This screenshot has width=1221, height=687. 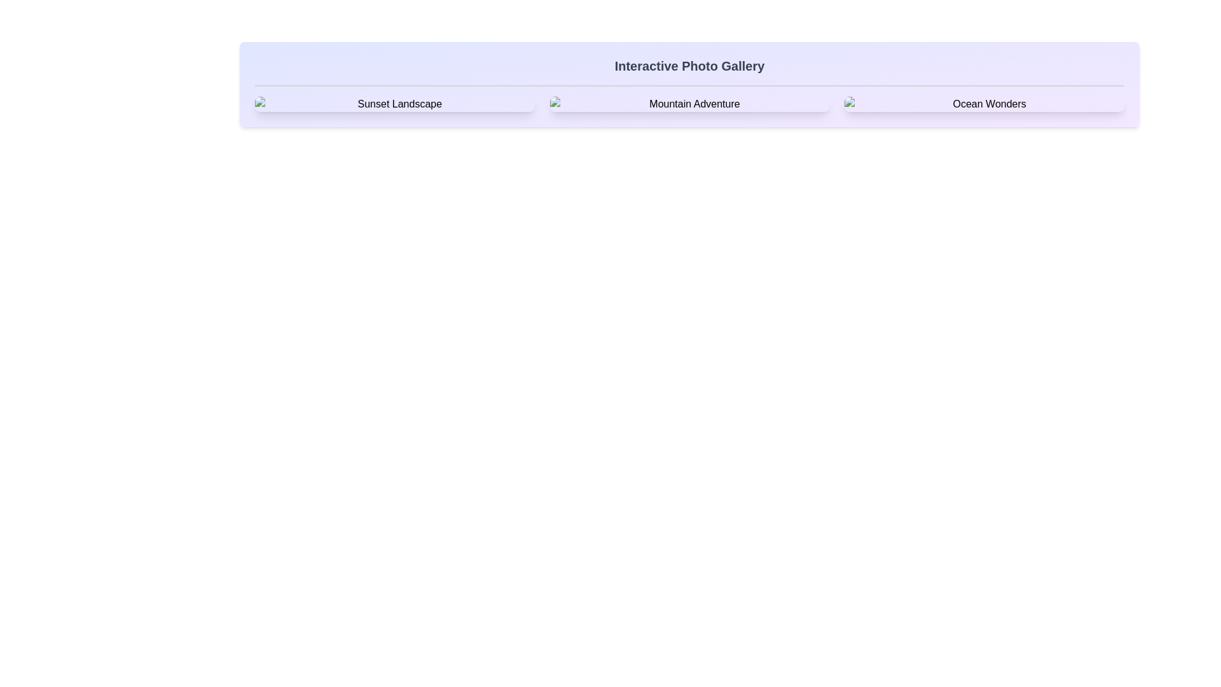 I want to click on the 'like' button, which is the second button in a horizontal layout immediately to the right of the 'View' button, so click(x=430, y=118).